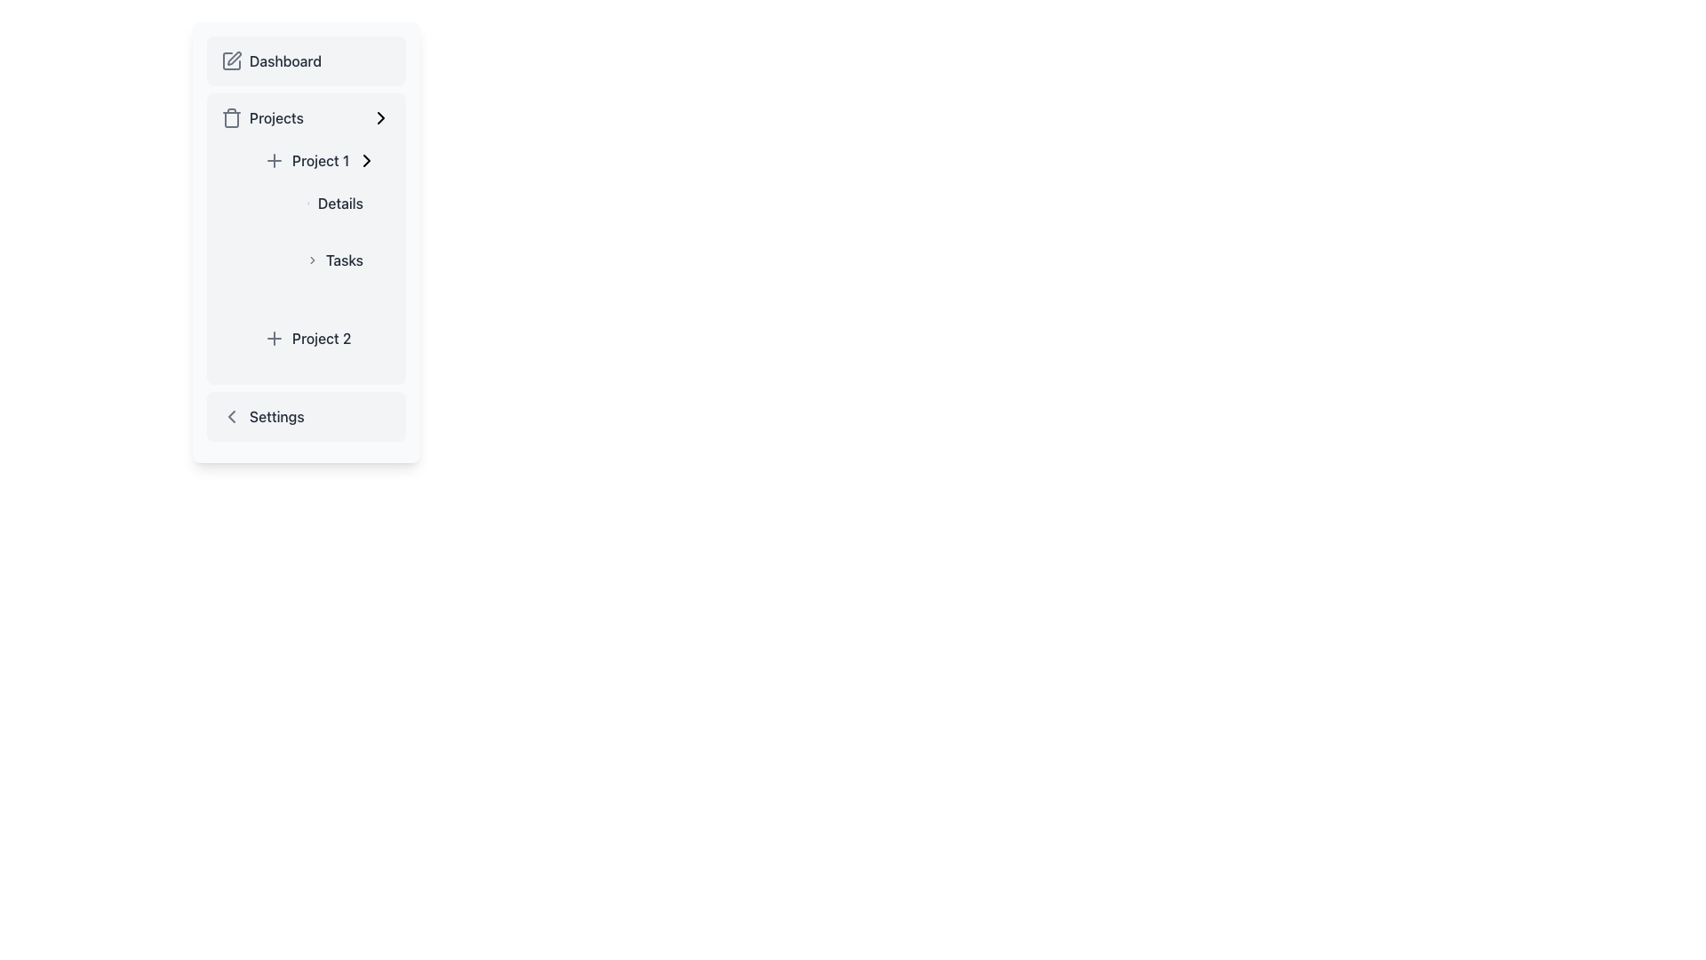  What do you see at coordinates (230, 60) in the screenshot?
I see `the square-shaped icon with a pen overlay, located near the top-left of the interface, next to the 'Dashboard' text label` at bounding box center [230, 60].